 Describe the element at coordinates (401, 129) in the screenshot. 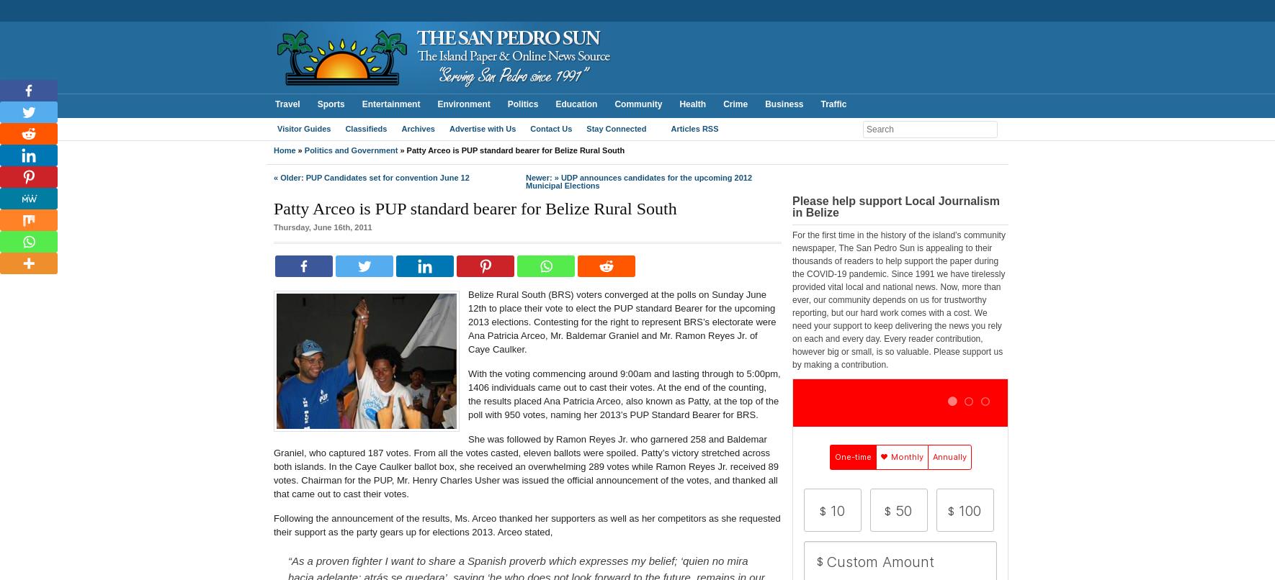

I see `'Archives'` at that location.